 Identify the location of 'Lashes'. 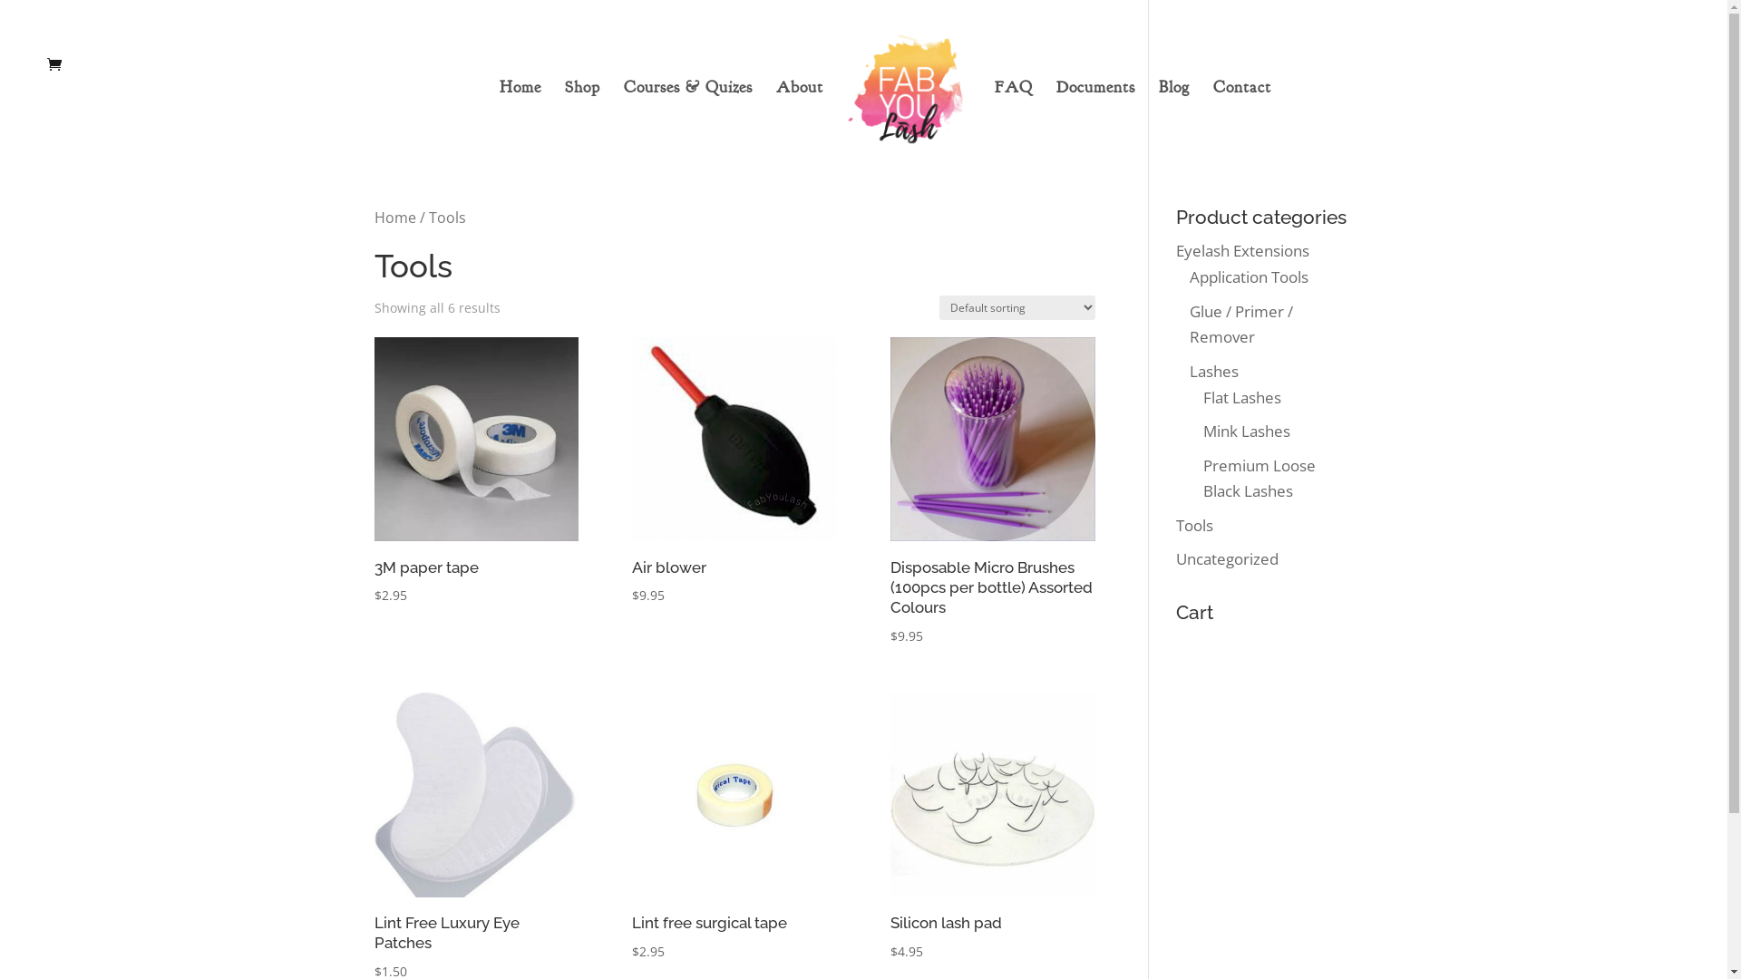
(1214, 370).